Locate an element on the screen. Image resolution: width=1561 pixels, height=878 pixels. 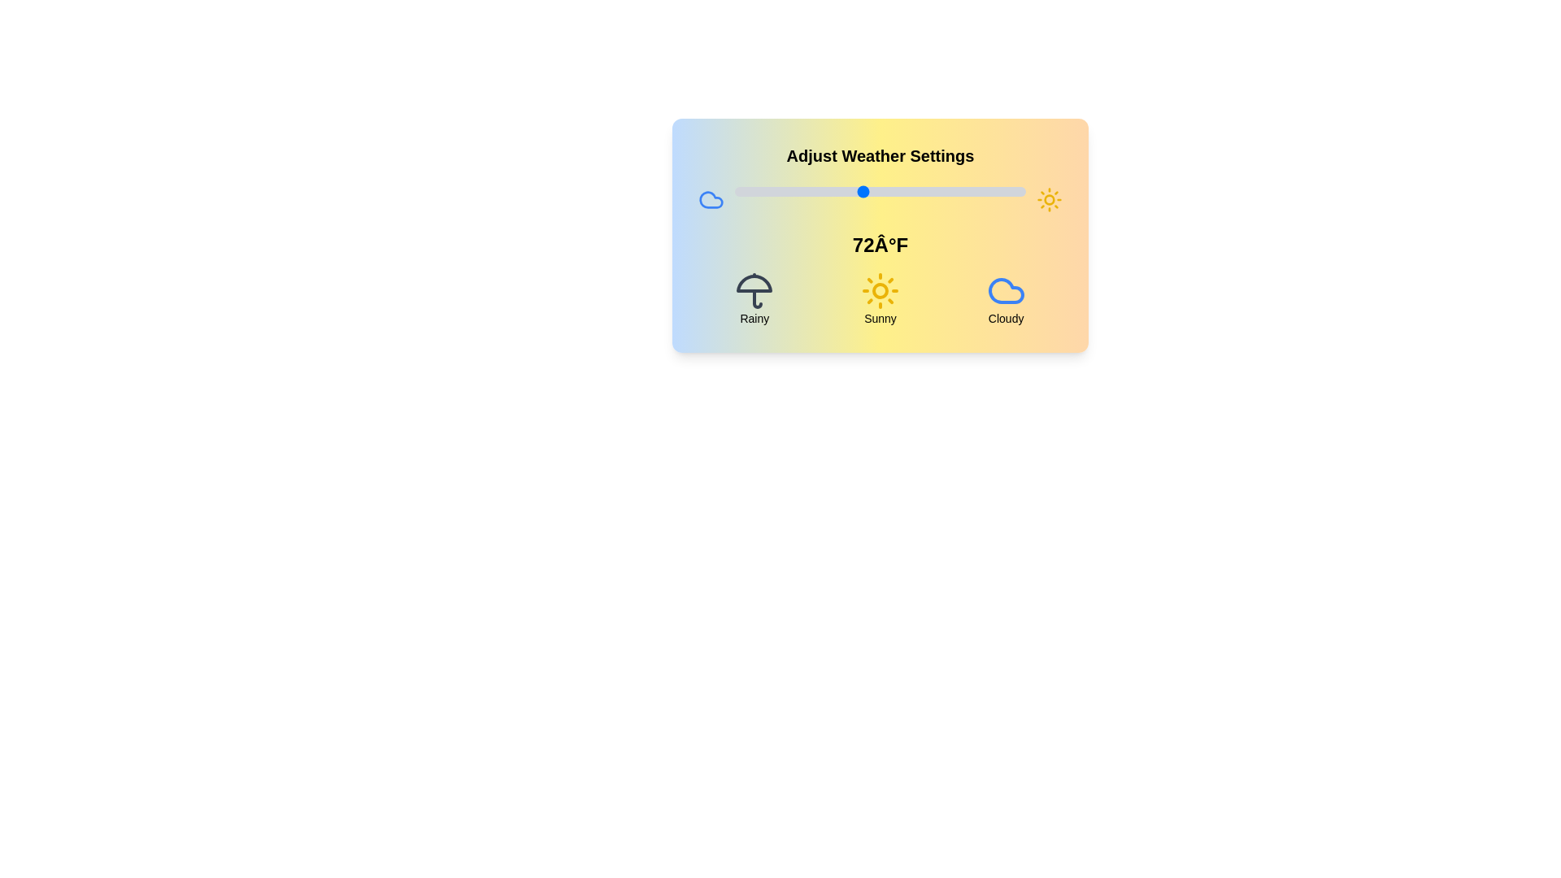
the weather icon corresponding to Cloudy to observe changes is located at coordinates (1006, 298).